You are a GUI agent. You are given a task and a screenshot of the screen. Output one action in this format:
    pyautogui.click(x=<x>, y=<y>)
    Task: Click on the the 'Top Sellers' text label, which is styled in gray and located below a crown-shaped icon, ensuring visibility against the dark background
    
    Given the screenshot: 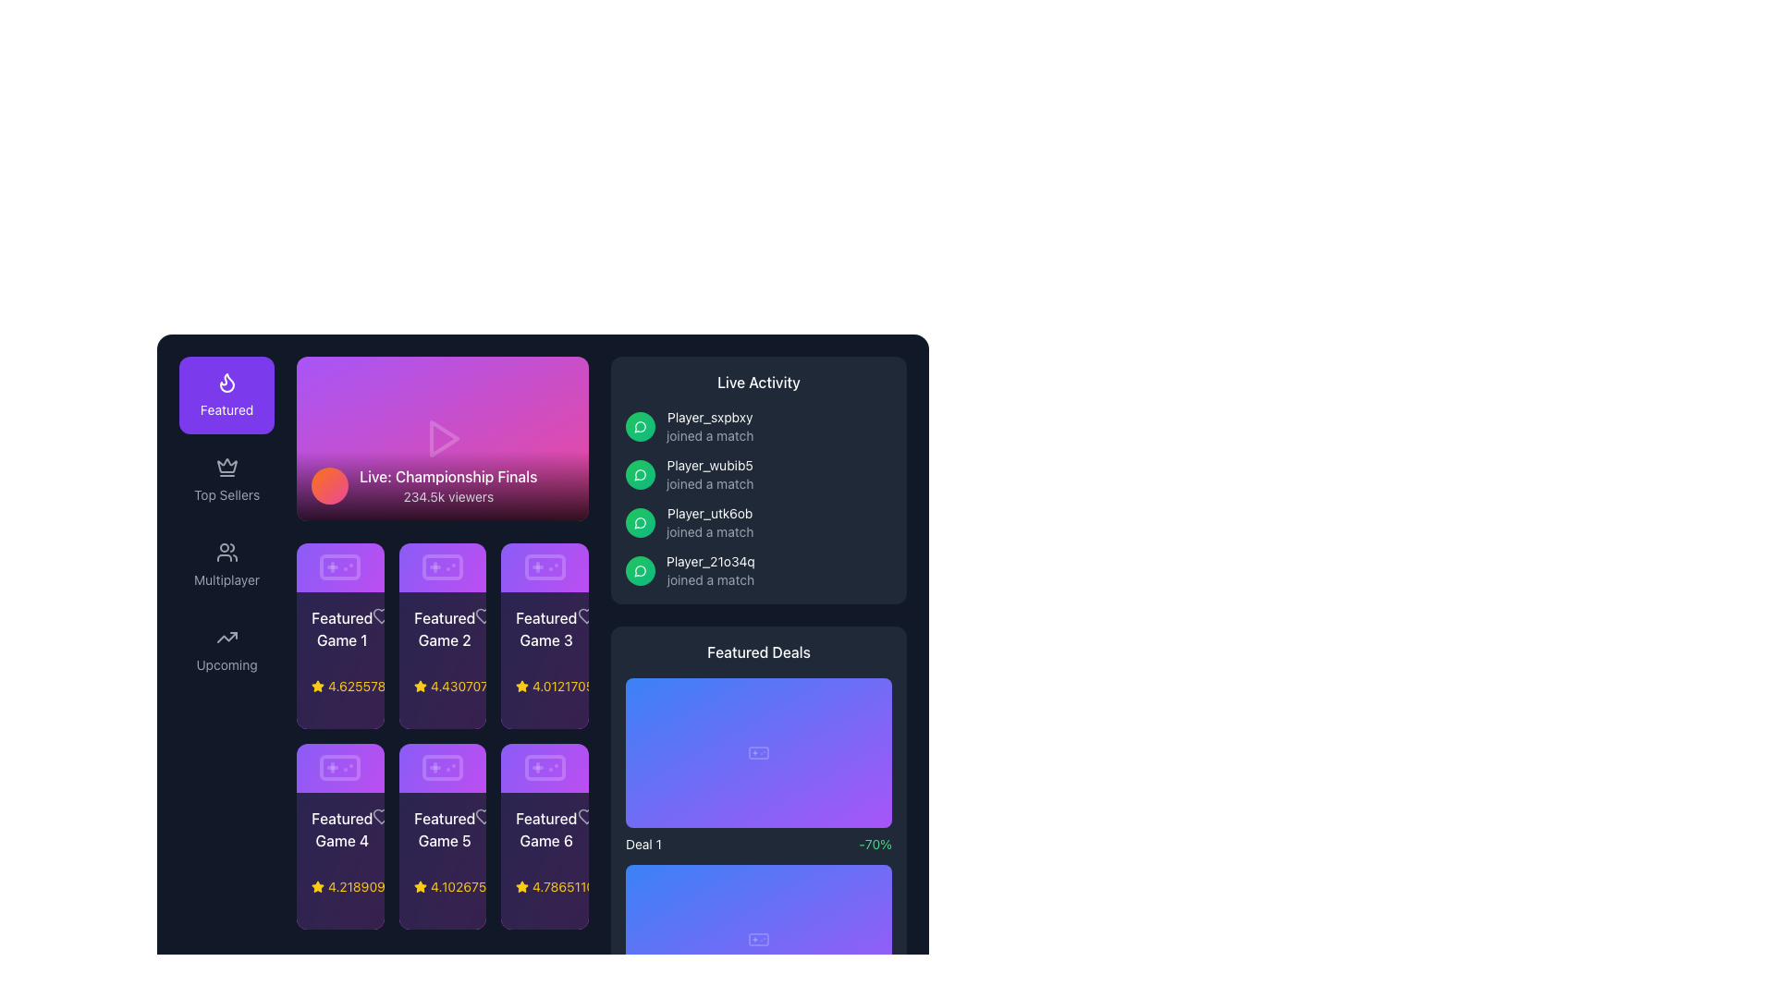 What is the action you would take?
    pyautogui.click(x=226, y=494)
    